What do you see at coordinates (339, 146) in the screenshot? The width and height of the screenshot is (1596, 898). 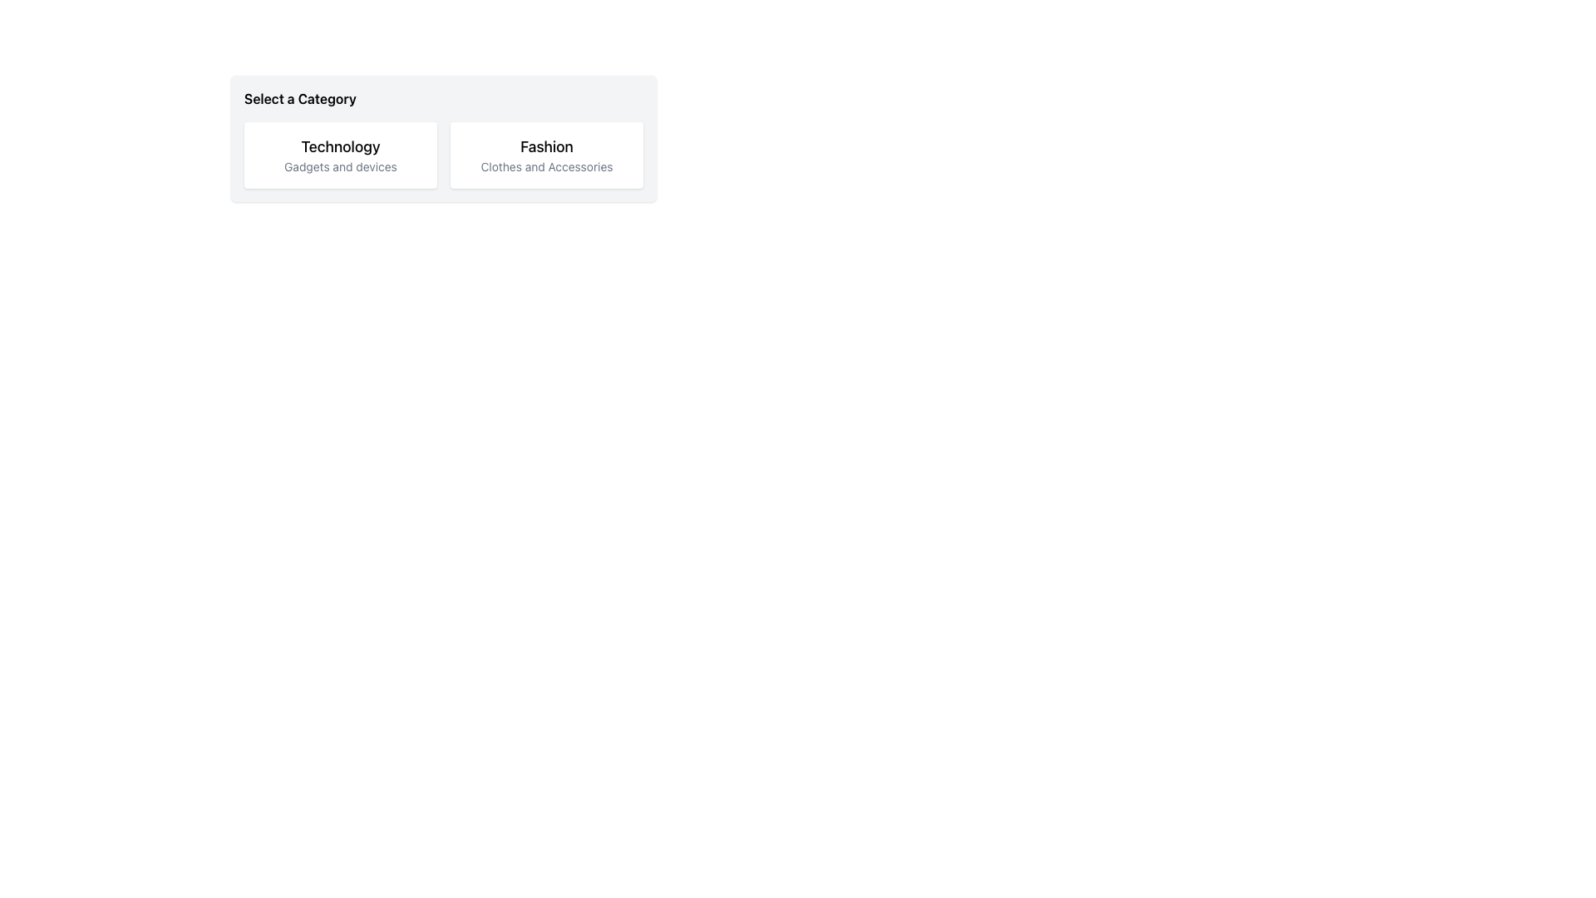 I see `the Text Label element displaying the word 'Technology', which is bold and medium-sized in black font, located within a card-like component with a white background and rounded corners` at bounding box center [339, 146].